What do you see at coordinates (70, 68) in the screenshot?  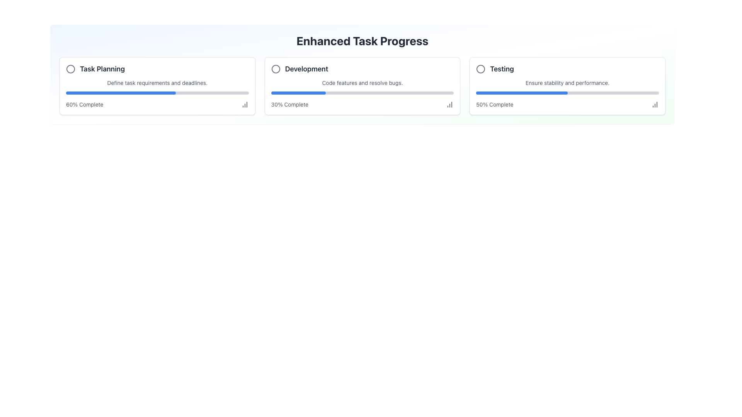 I see `the Vector Graphic (Circle in SVG) that indicates task status within the 'Task Planning' card located in the upper left section of the layout` at bounding box center [70, 68].